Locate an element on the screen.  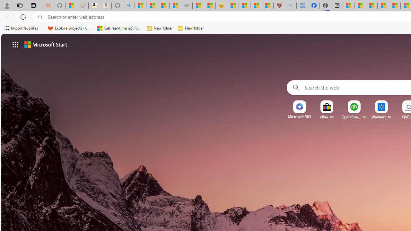
'Search icon' is located at coordinates (40, 17).